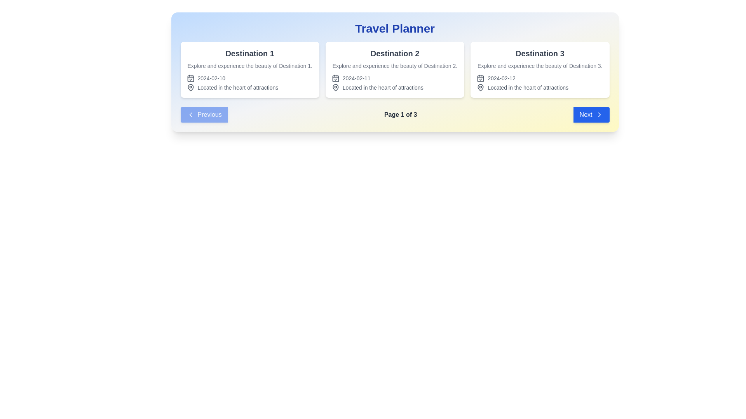 The width and height of the screenshot is (746, 419). What do you see at coordinates (480, 78) in the screenshot?
I see `the calendar icon representing the date '2024-02-12' in the 'Destination 3' section as a static informative element` at bounding box center [480, 78].